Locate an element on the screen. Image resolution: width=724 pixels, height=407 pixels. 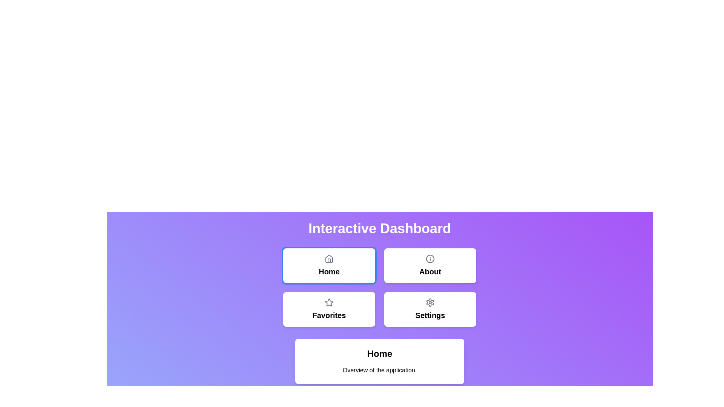
the Favorites button to select it is located at coordinates (329, 309).